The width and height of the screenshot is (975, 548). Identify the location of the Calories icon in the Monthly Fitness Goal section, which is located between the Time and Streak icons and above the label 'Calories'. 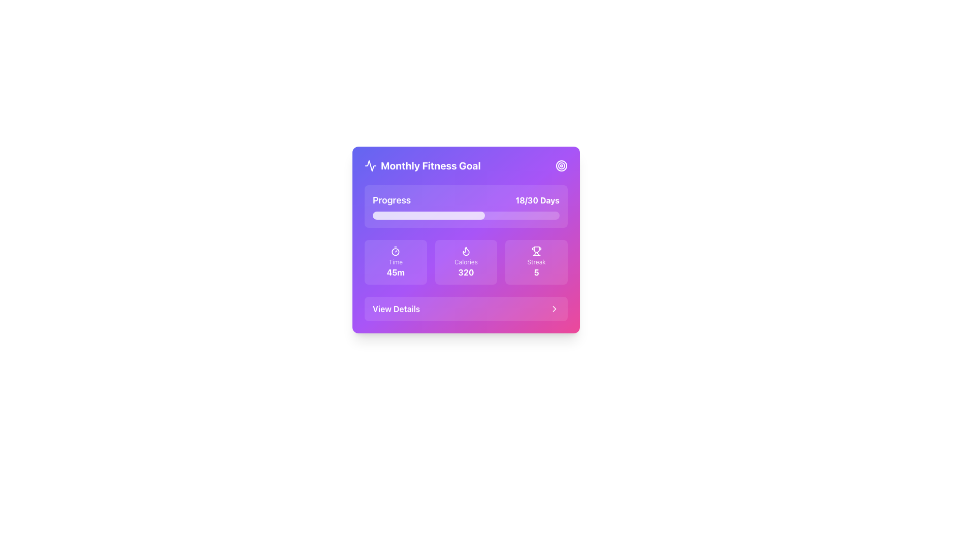
(465, 251).